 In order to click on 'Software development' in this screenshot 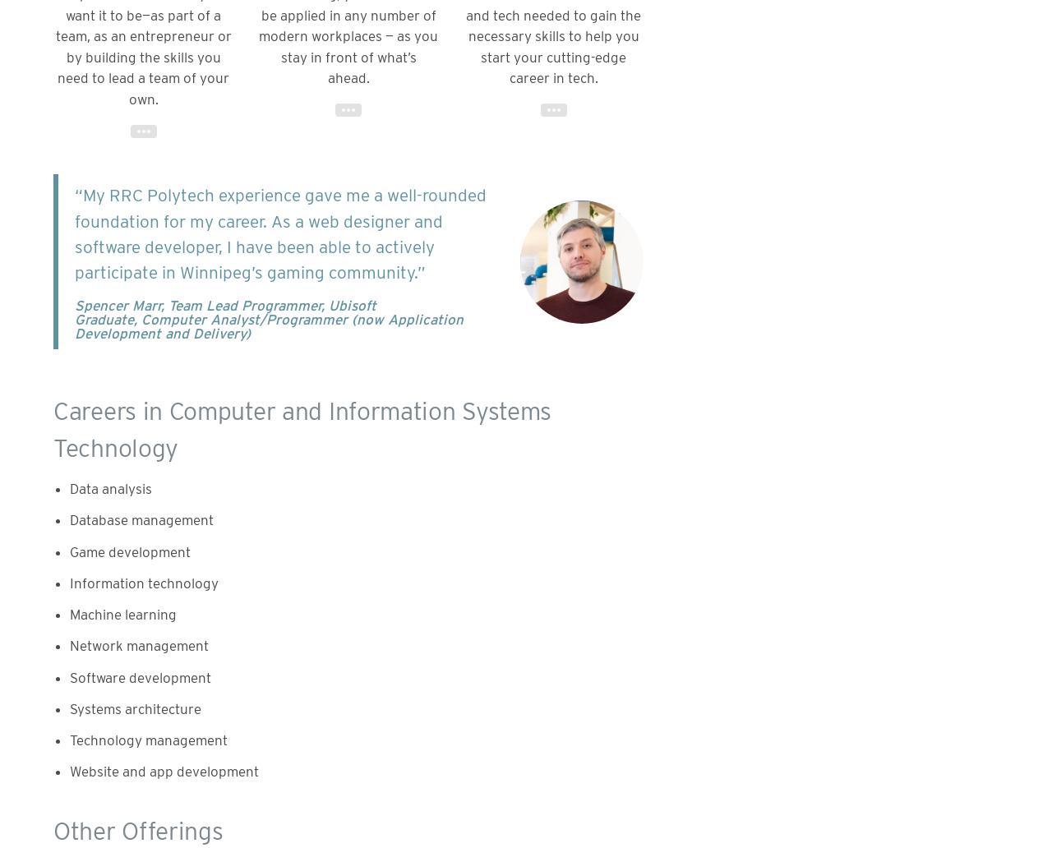, I will do `click(141, 676)`.